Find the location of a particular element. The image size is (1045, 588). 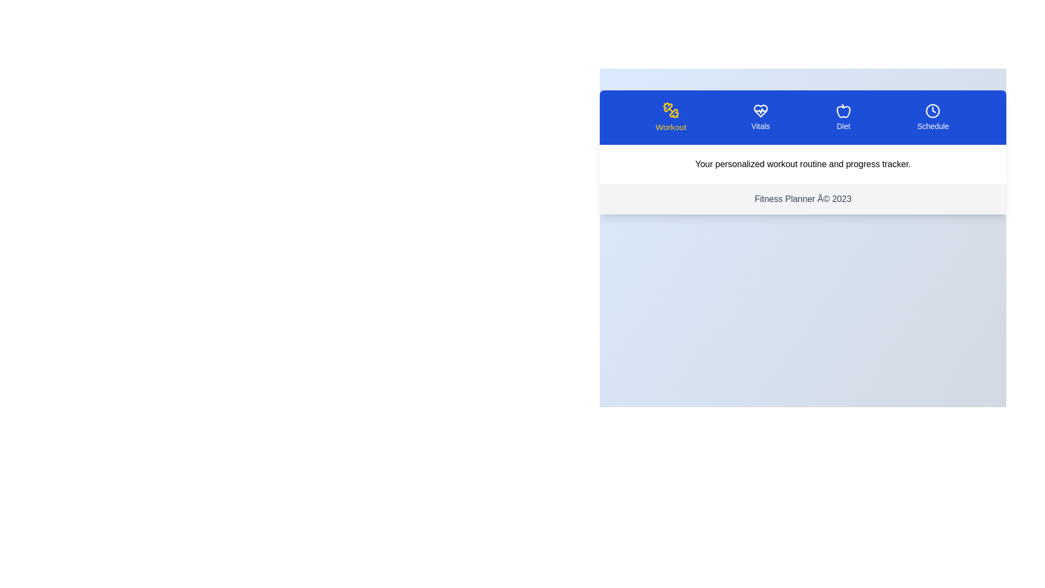

the tab labeled Vitals to view its content is located at coordinates (760, 118).